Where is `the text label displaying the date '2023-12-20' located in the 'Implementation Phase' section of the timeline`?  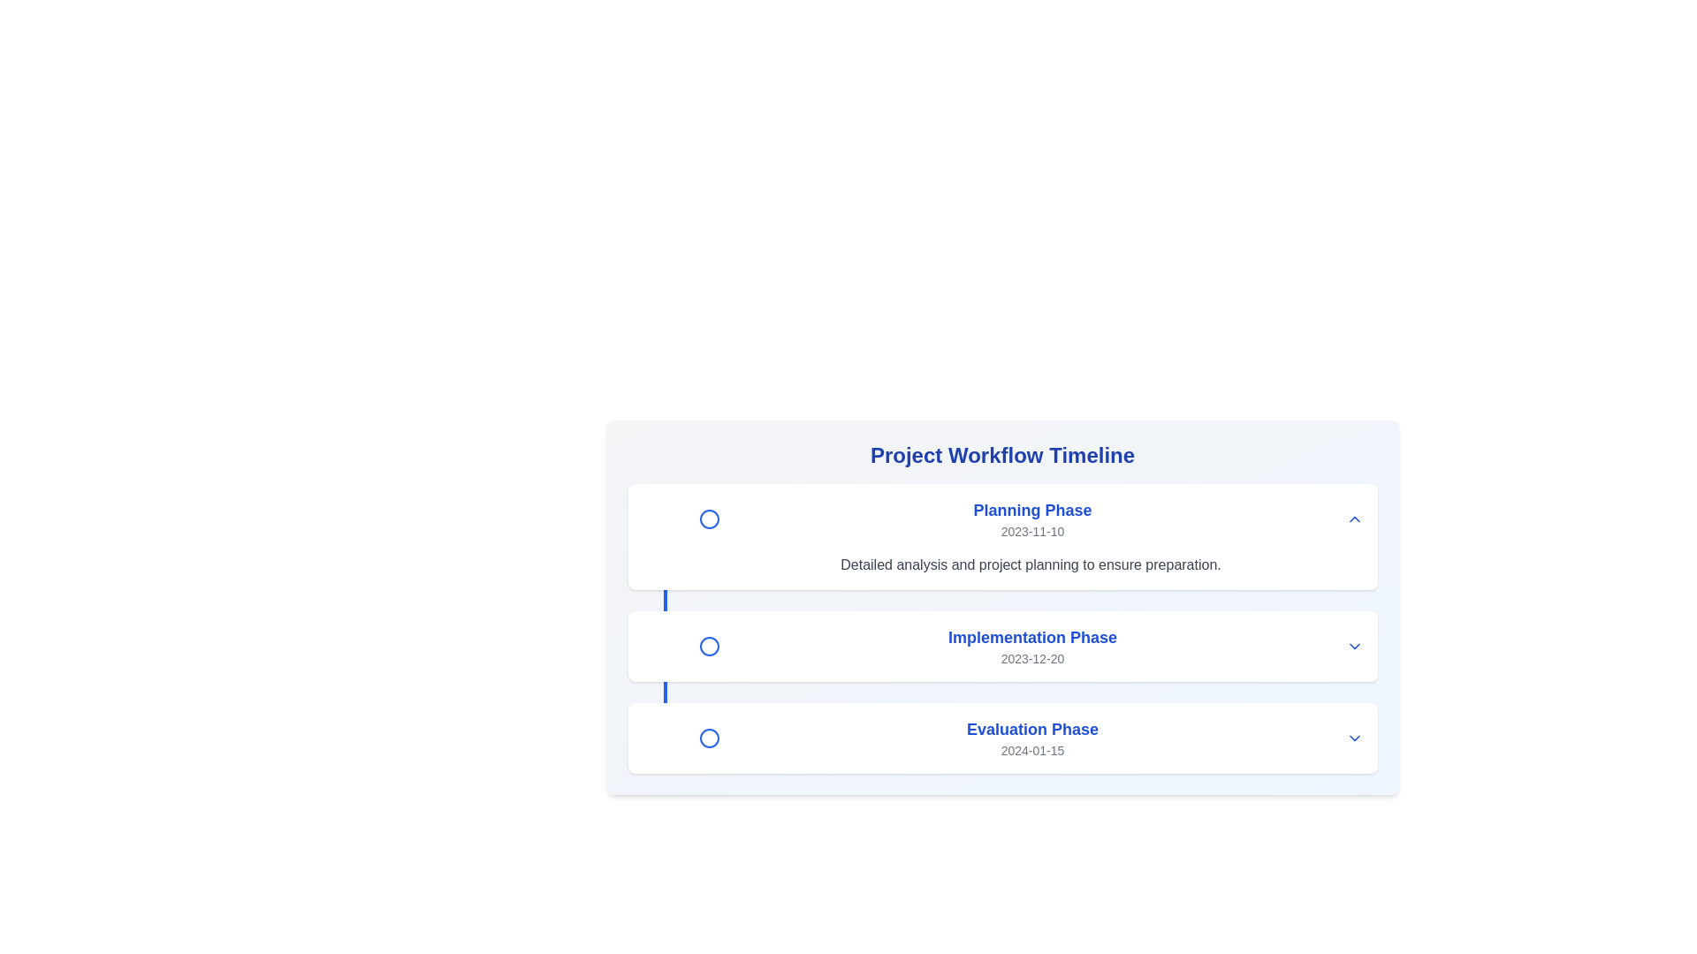
the text label displaying the date '2023-12-20' located in the 'Implementation Phase' section of the timeline is located at coordinates (1032, 658).